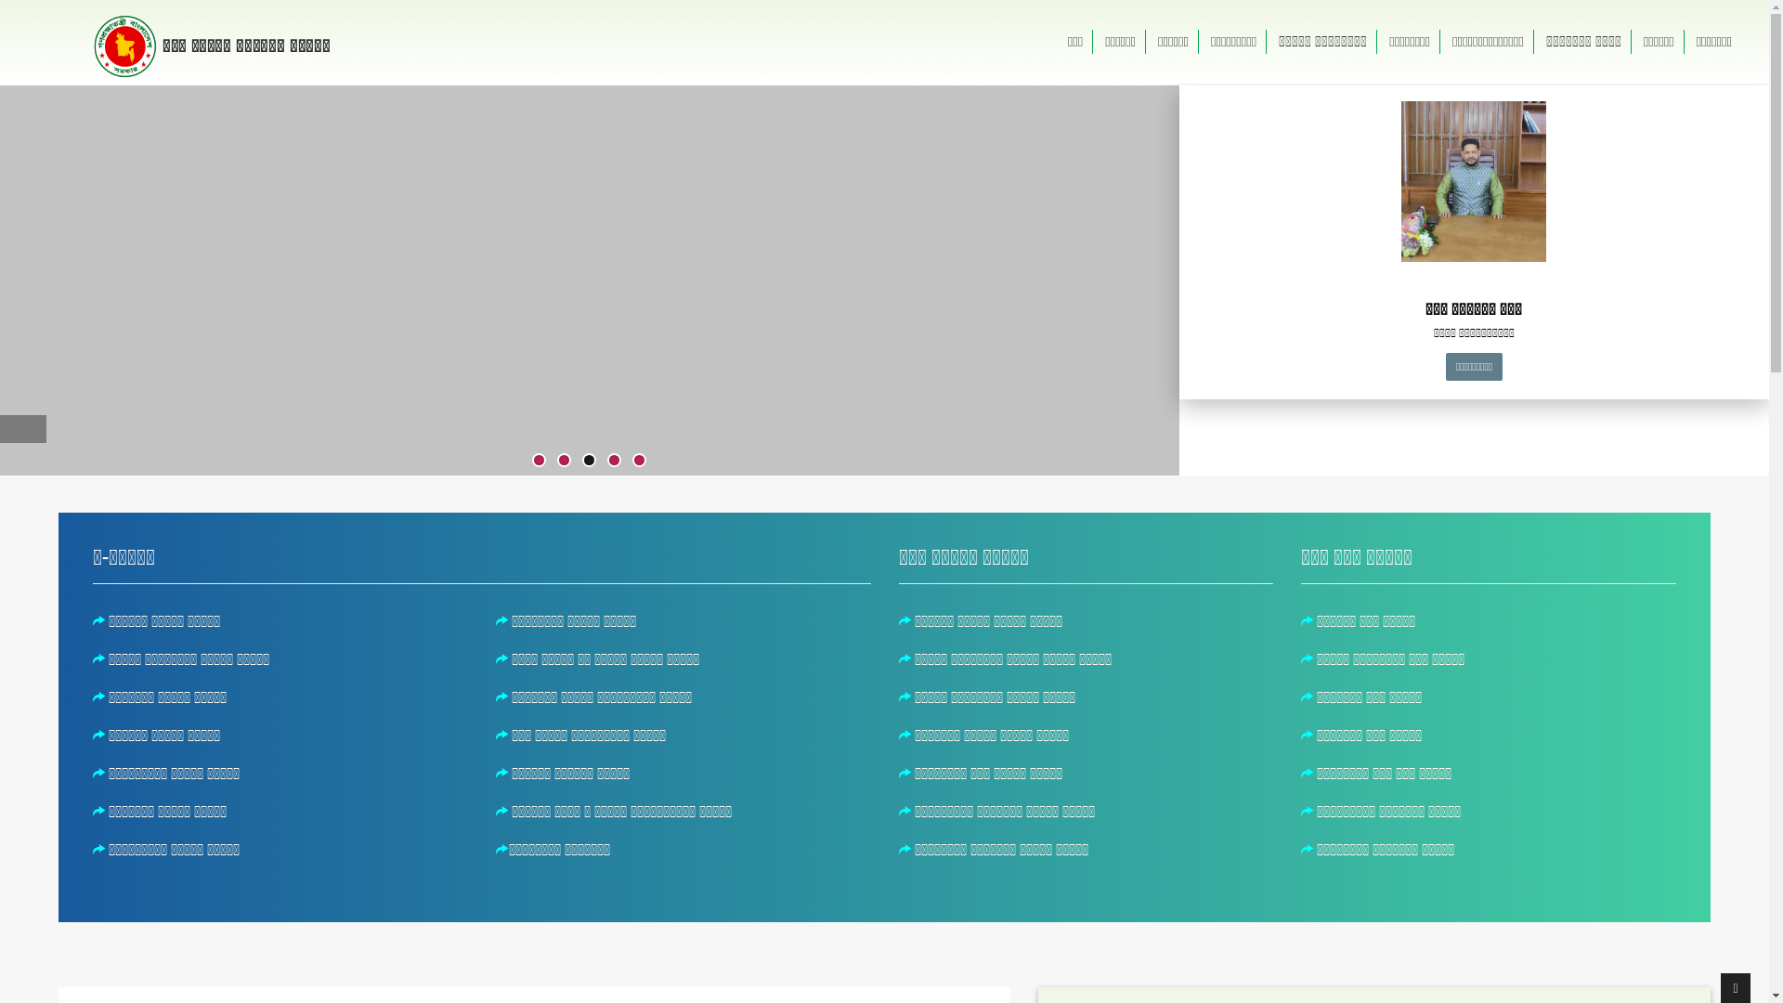 The width and height of the screenshot is (1783, 1003). Describe the element at coordinates (557, 460) in the screenshot. I see `'2'` at that location.